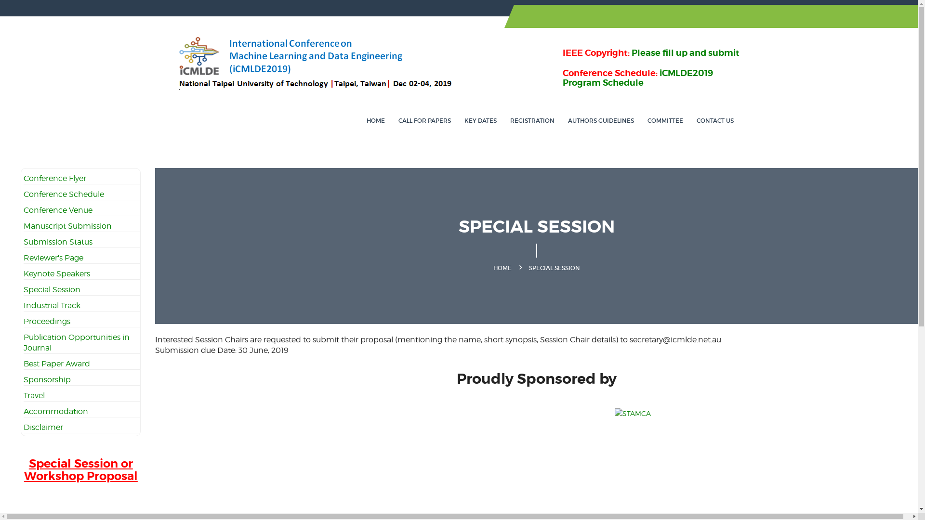 Image resolution: width=925 pixels, height=520 pixels. Describe the element at coordinates (684, 52) in the screenshot. I see `'Please fill up and submit'` at that location.